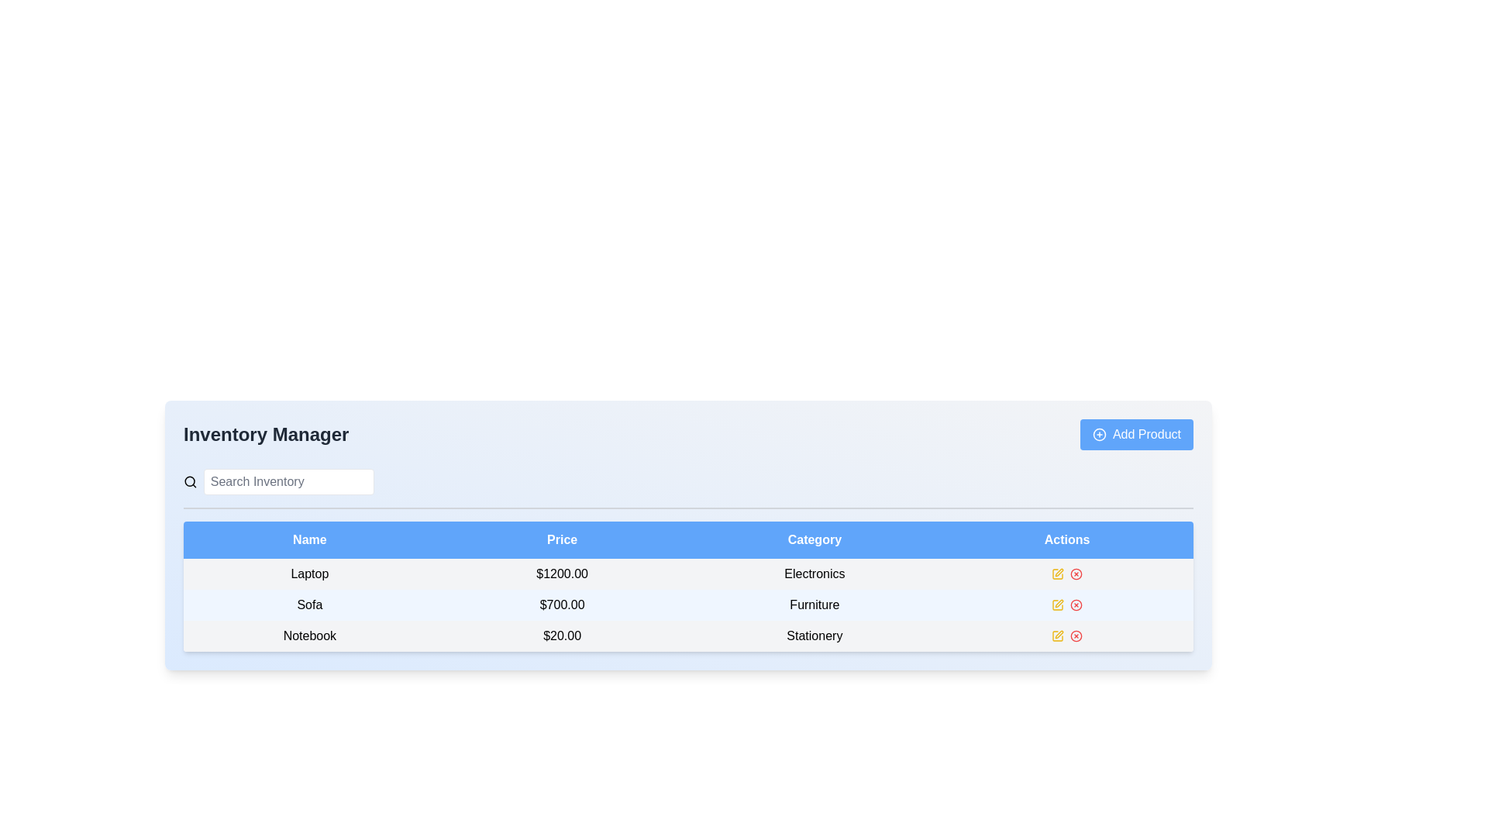  What do you see at coordinates (814, 636) in the screenshot?
I see `the 'Stationery' text label in the third row of the 'Category' column, which is associated with the product 'Notebook'` at bounding box center [814, 636].